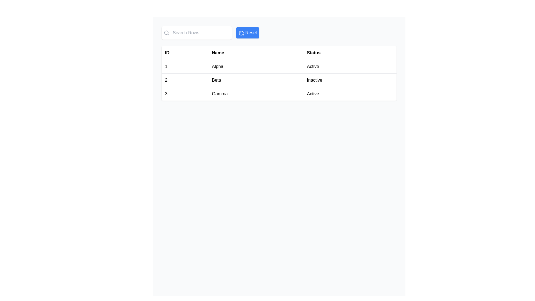 The image size is (535, 301). What do you see at coordinates (279, 93) in the screenshot?
I see `the third row of the table which contains the elements '3', 'Gamma', and 'Active'` at bounding box center [279, 93].